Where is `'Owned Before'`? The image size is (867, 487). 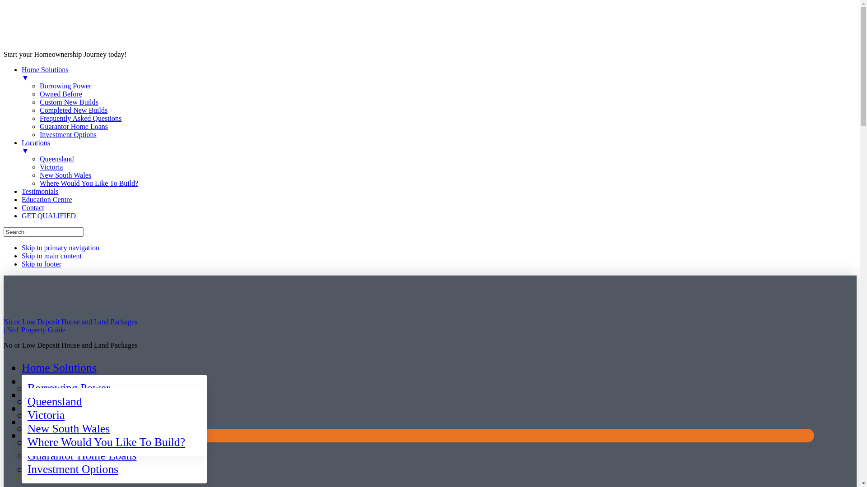 'Owned Before' is located at coordinates (60, 94).